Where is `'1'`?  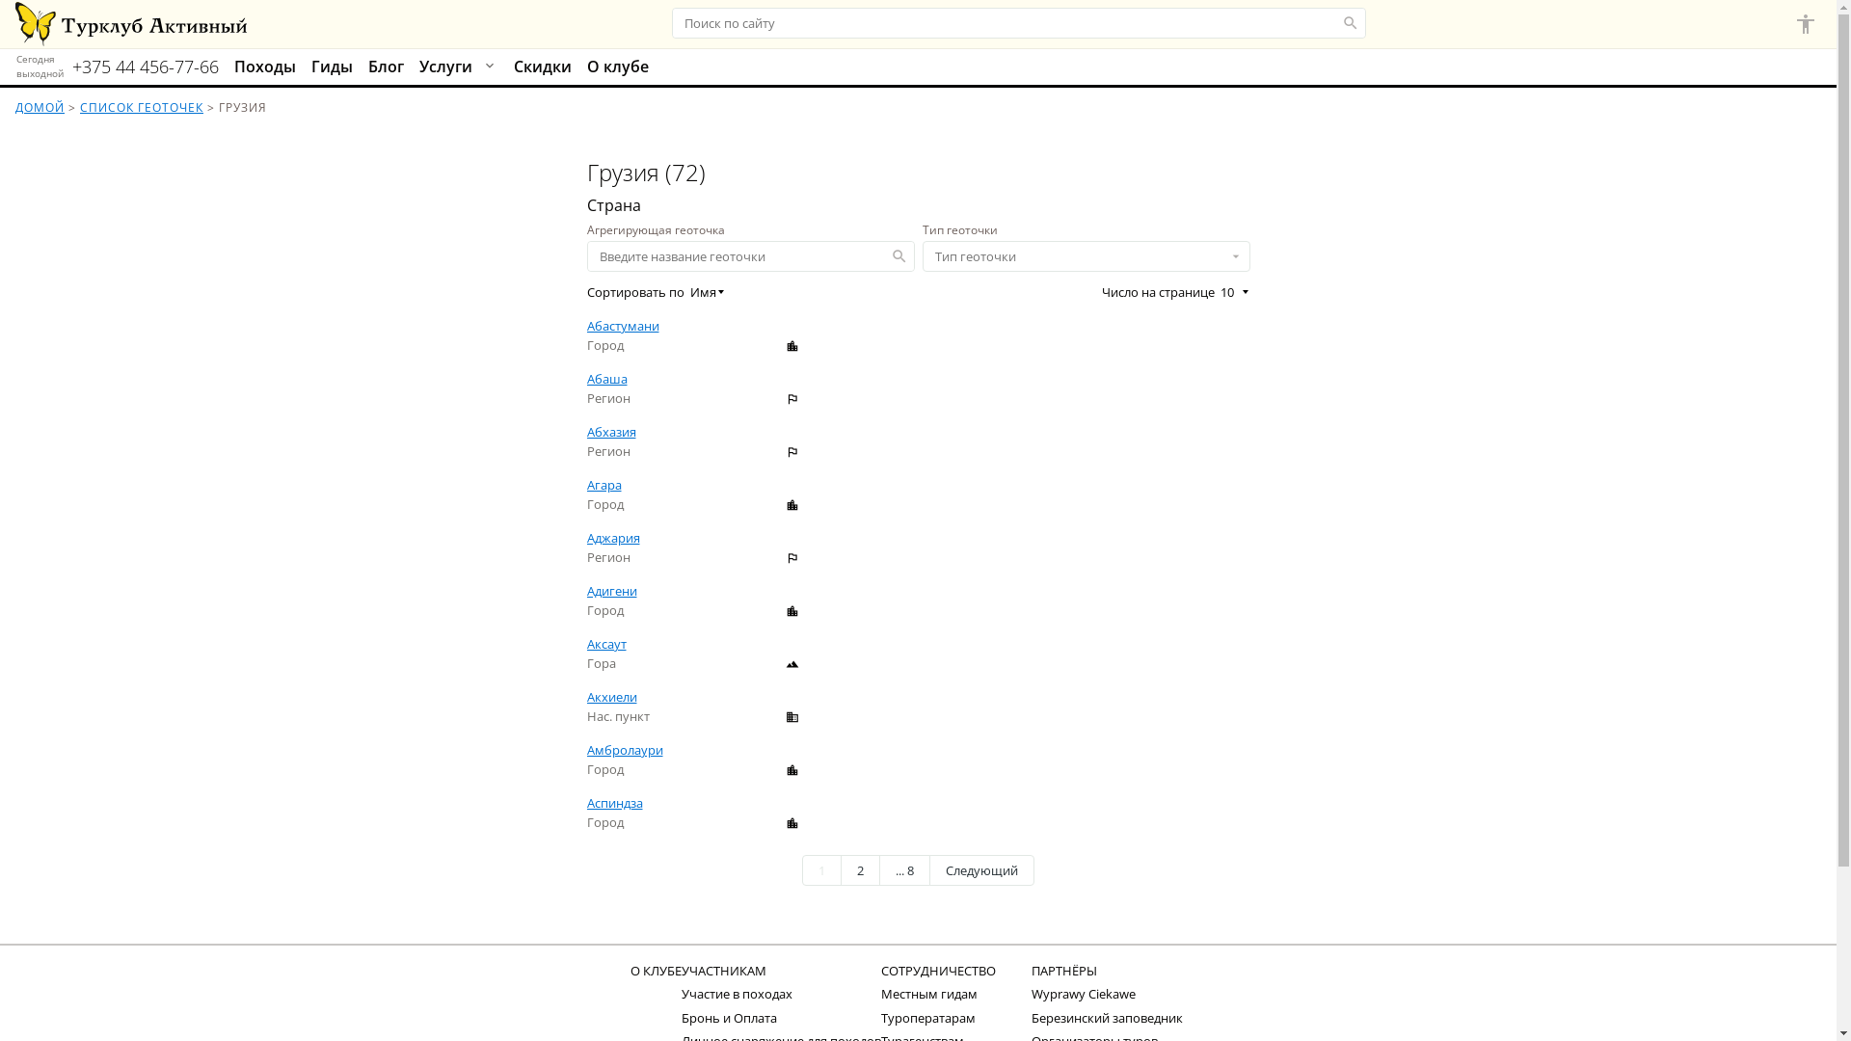 '1' is located at coordinates (821, 869).